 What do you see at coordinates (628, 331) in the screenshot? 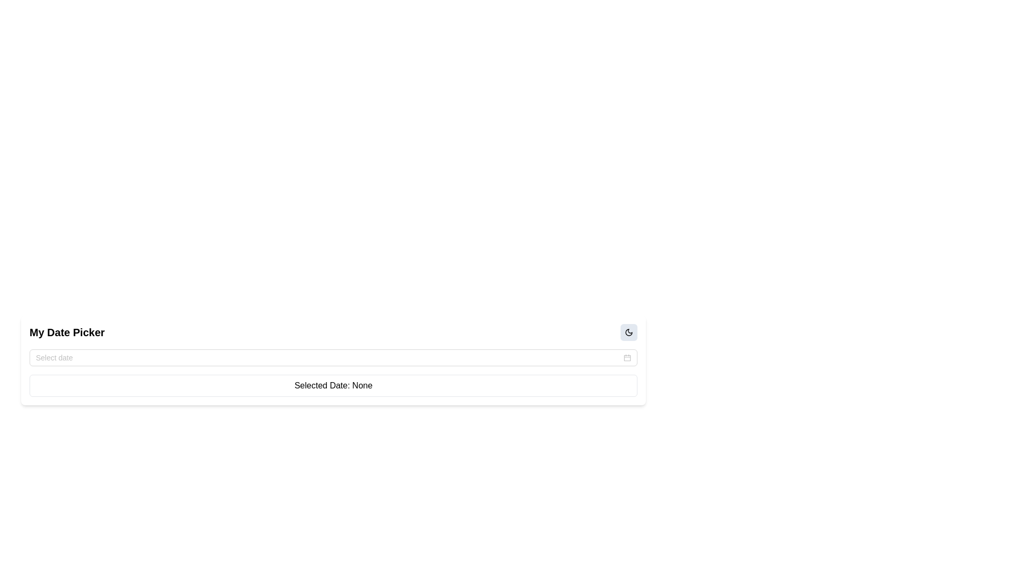
I see `the moon icon in the top-right corner of the date picker UI component` at bounding box center [628, 331].